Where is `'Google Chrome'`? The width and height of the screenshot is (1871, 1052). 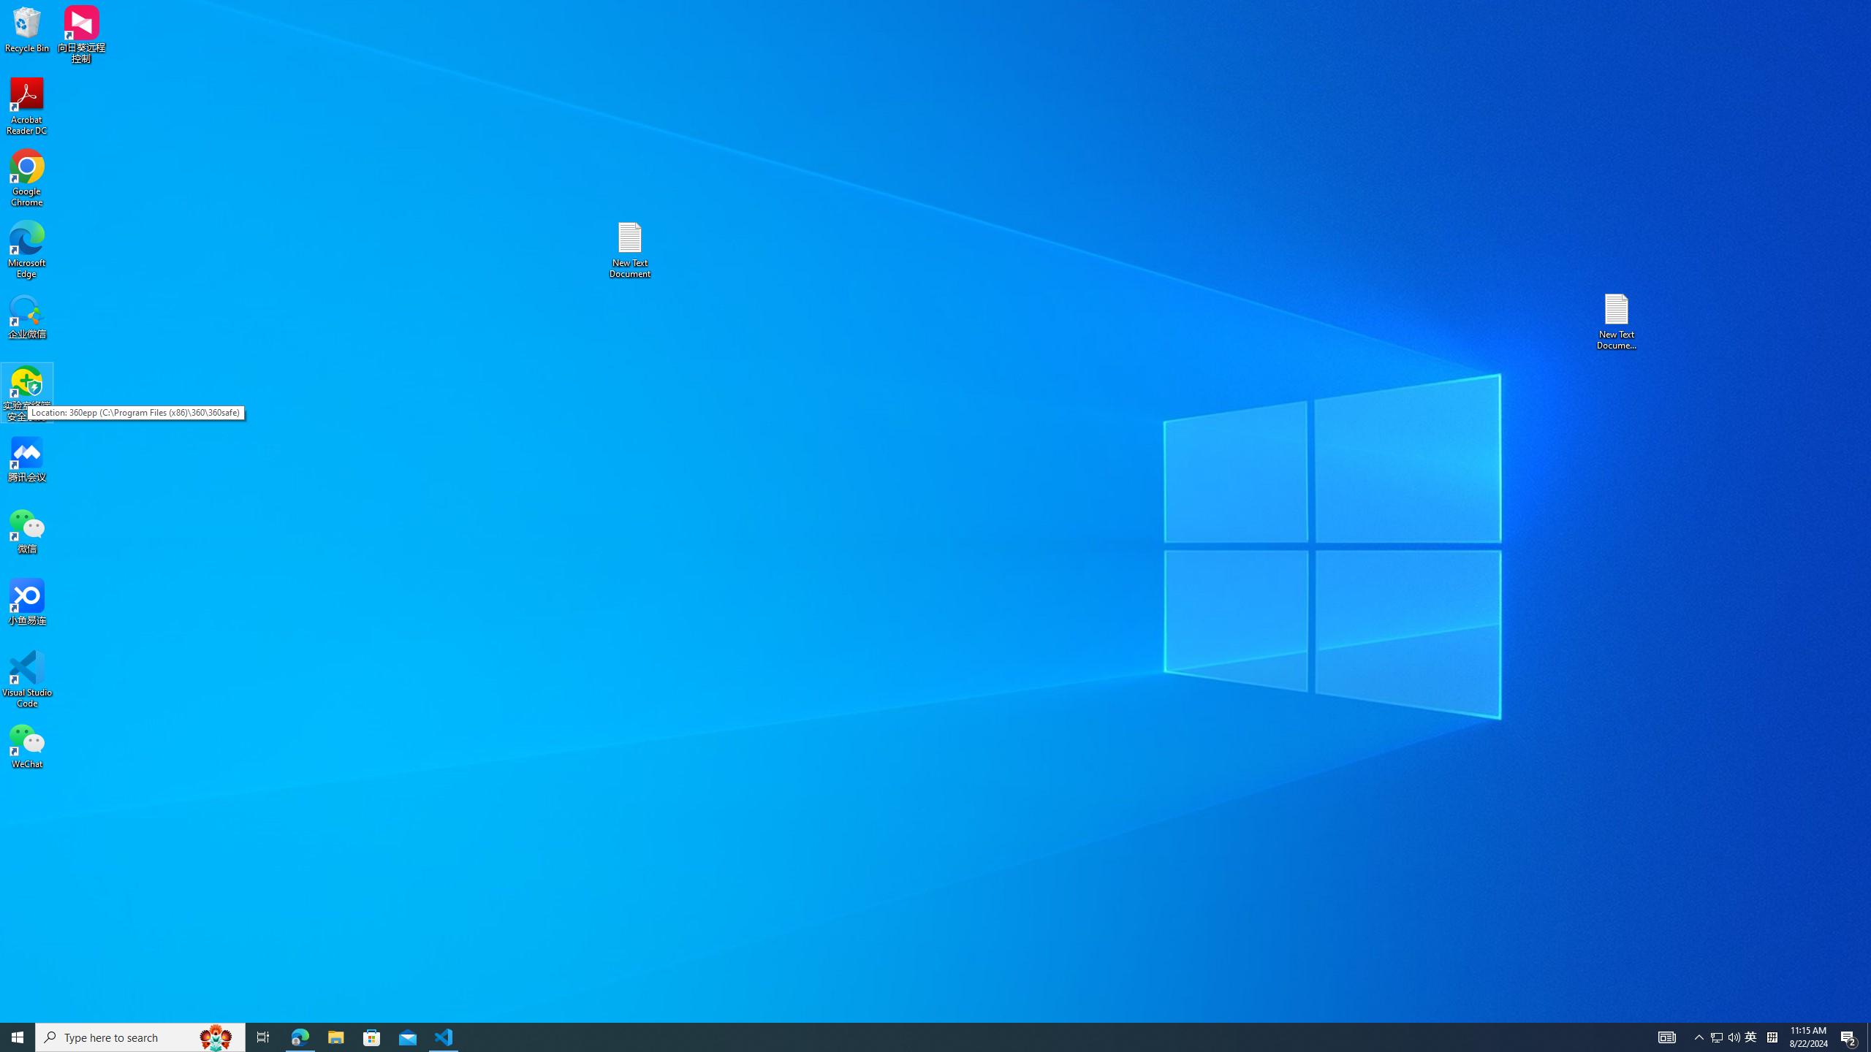 'Google Chrome' is located at coordinates (26, 178).